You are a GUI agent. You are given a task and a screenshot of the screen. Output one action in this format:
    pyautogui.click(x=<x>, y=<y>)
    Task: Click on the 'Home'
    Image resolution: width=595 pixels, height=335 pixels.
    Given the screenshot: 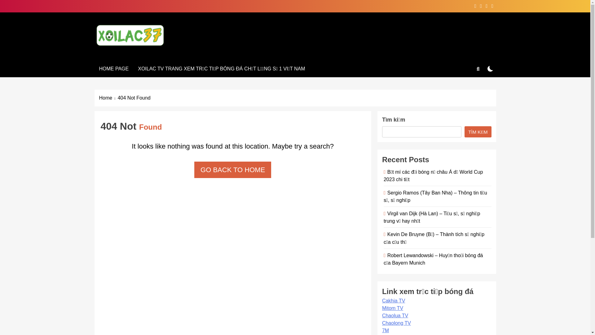 What is the action you would take?
    pyautogui.click(x=108, y=98)
    